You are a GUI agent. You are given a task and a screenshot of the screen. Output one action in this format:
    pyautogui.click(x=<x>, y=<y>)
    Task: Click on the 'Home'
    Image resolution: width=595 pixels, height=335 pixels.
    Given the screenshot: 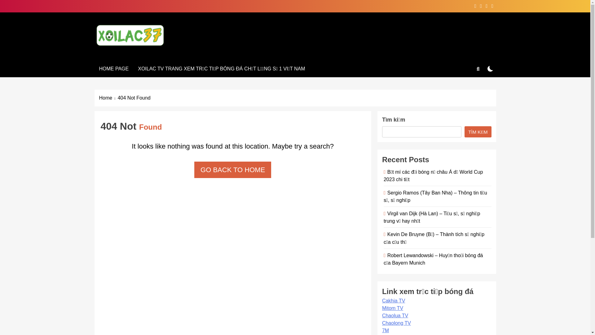 What is the action you would take?
    pyautogui.click(x=108, y=98)
    